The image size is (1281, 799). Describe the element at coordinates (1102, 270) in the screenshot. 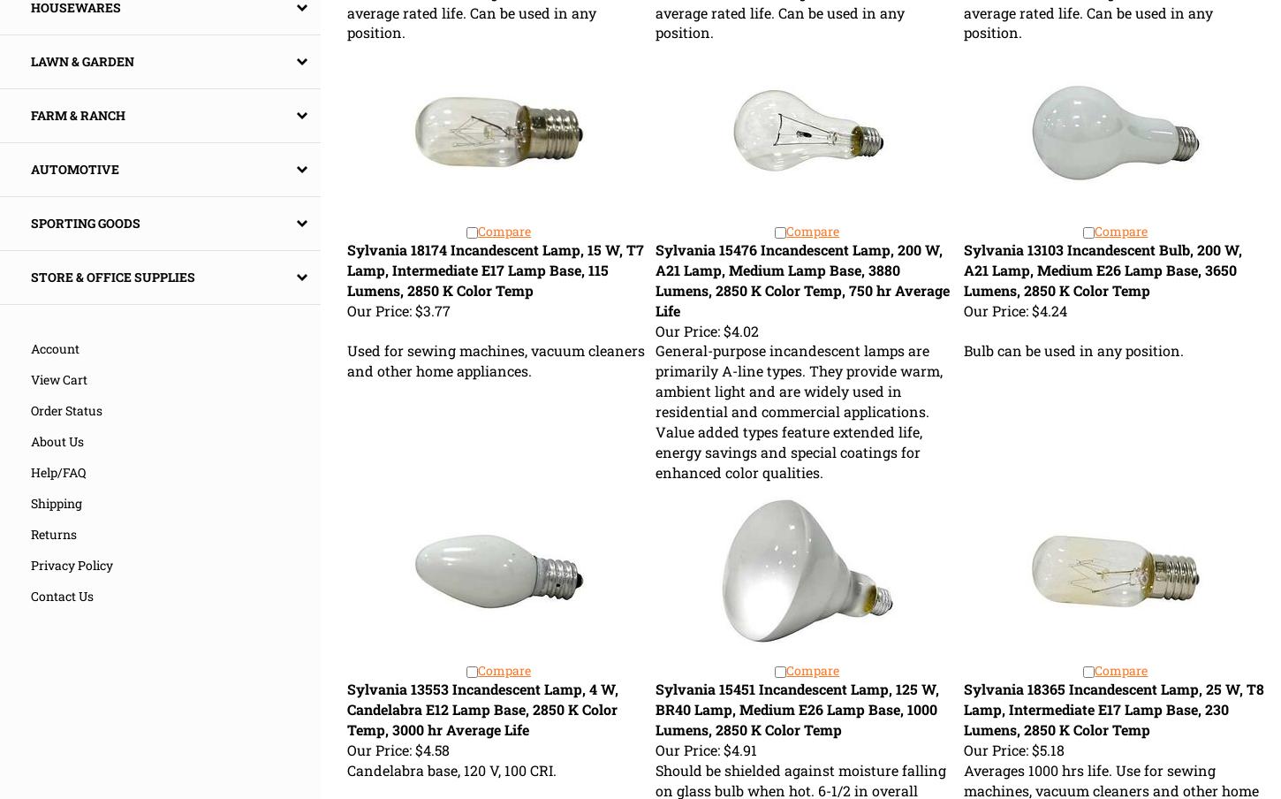

I see `'Sylvania 13103 Incandescent Bulb, 200 W, A21 Lamp, Medium E26 Lamp Base, 3650 Lumens, 2850 K Color Temp'` at that location.